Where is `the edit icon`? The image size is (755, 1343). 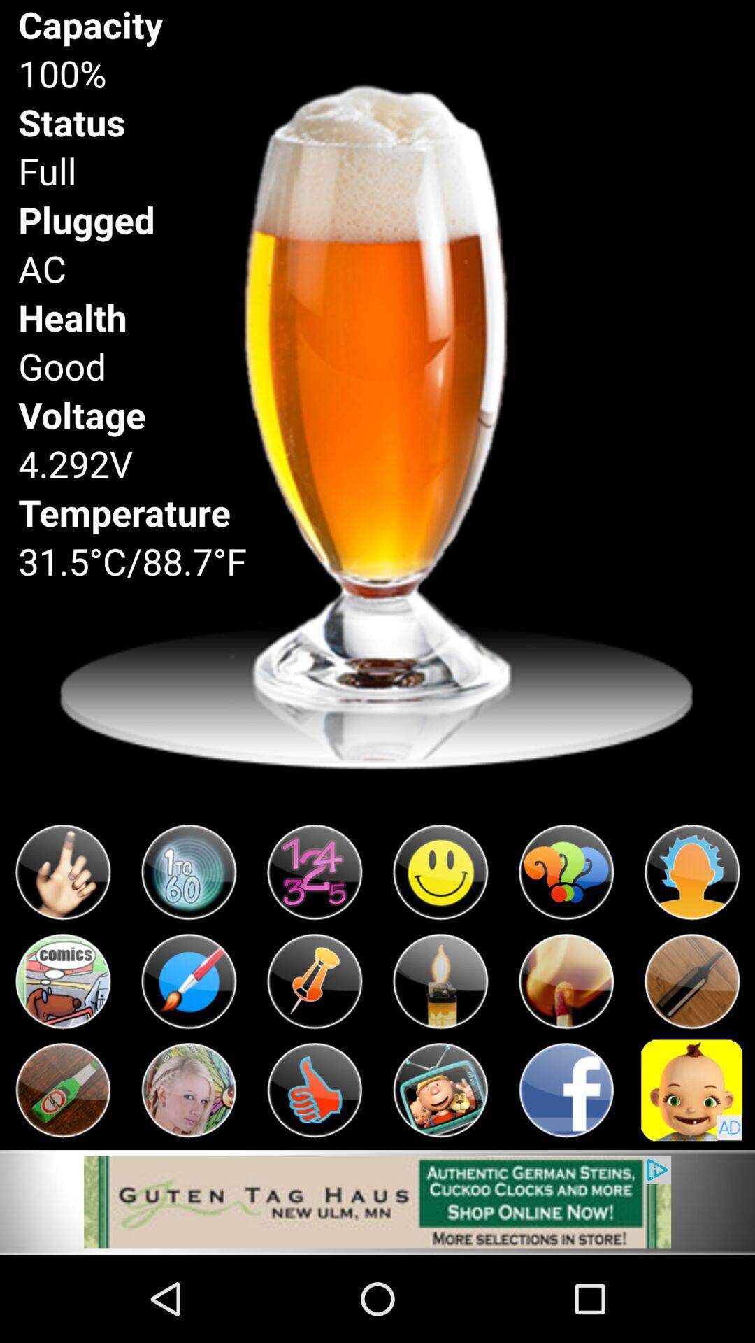 the edit icon is located at coordinates (189, 1050).